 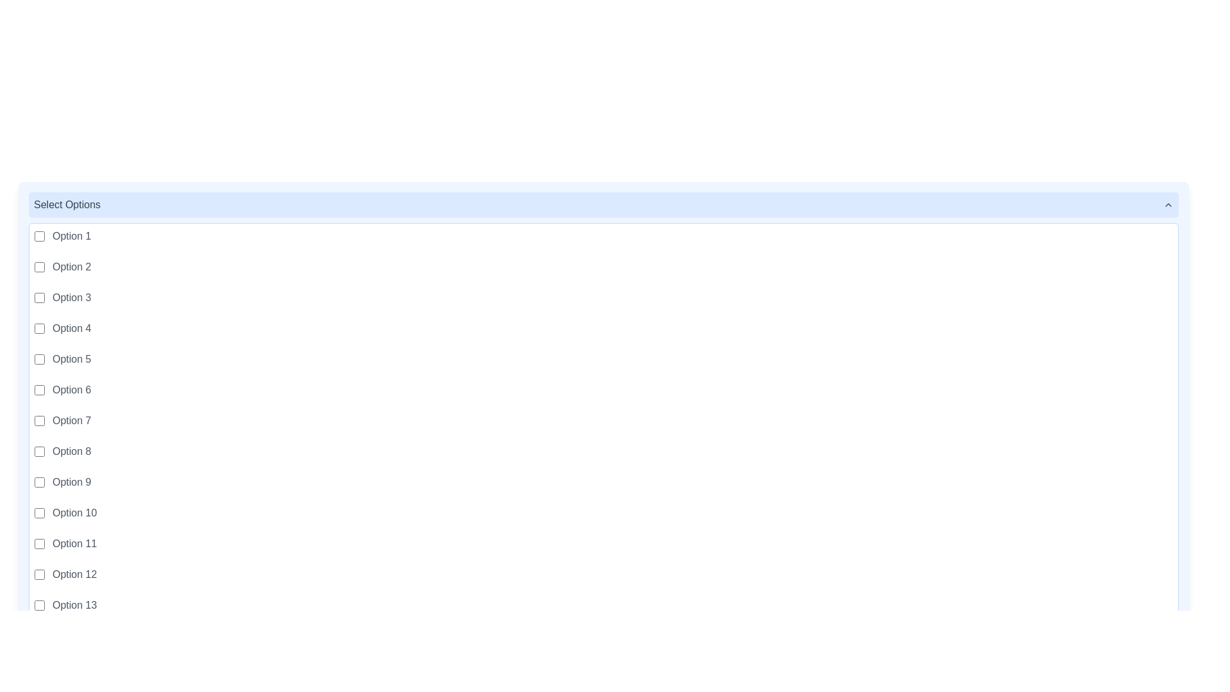 What do you see at coordinates (1168, 204) in the screenshot?
I see `the upward arrow icon, which is gray and located to the far right of the 'Select Options' text` at bounding box center [1168, 204].